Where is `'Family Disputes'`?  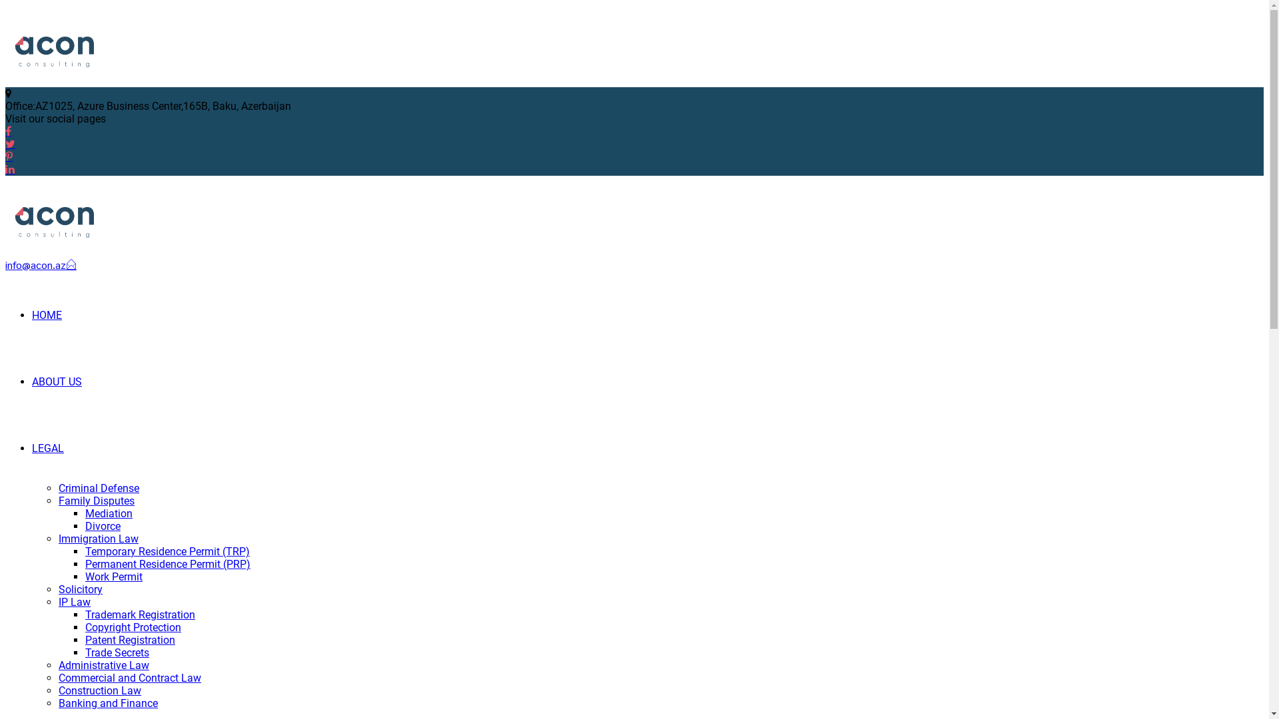
'Family Disputes' is located at coordinates (95, 501).